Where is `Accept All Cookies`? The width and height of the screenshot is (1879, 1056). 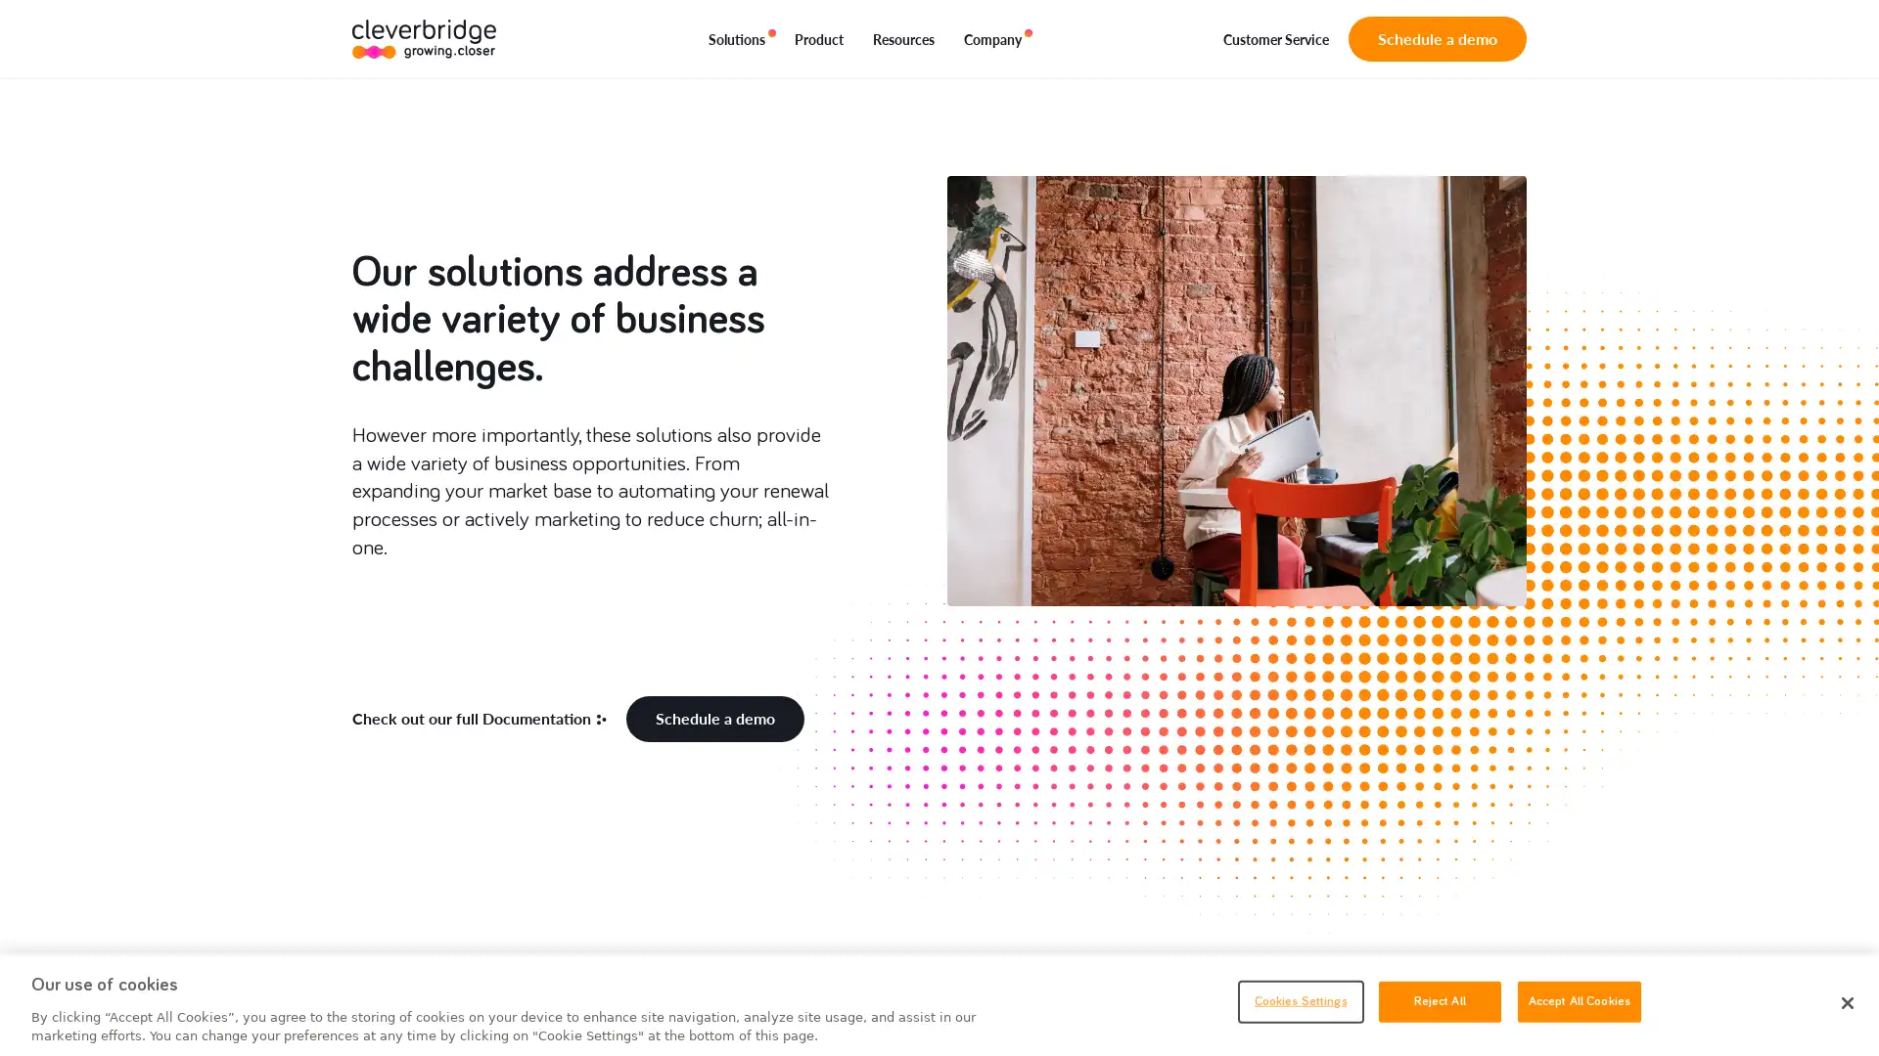 Accept All Cookies is located at coordinates (1579, 1000).